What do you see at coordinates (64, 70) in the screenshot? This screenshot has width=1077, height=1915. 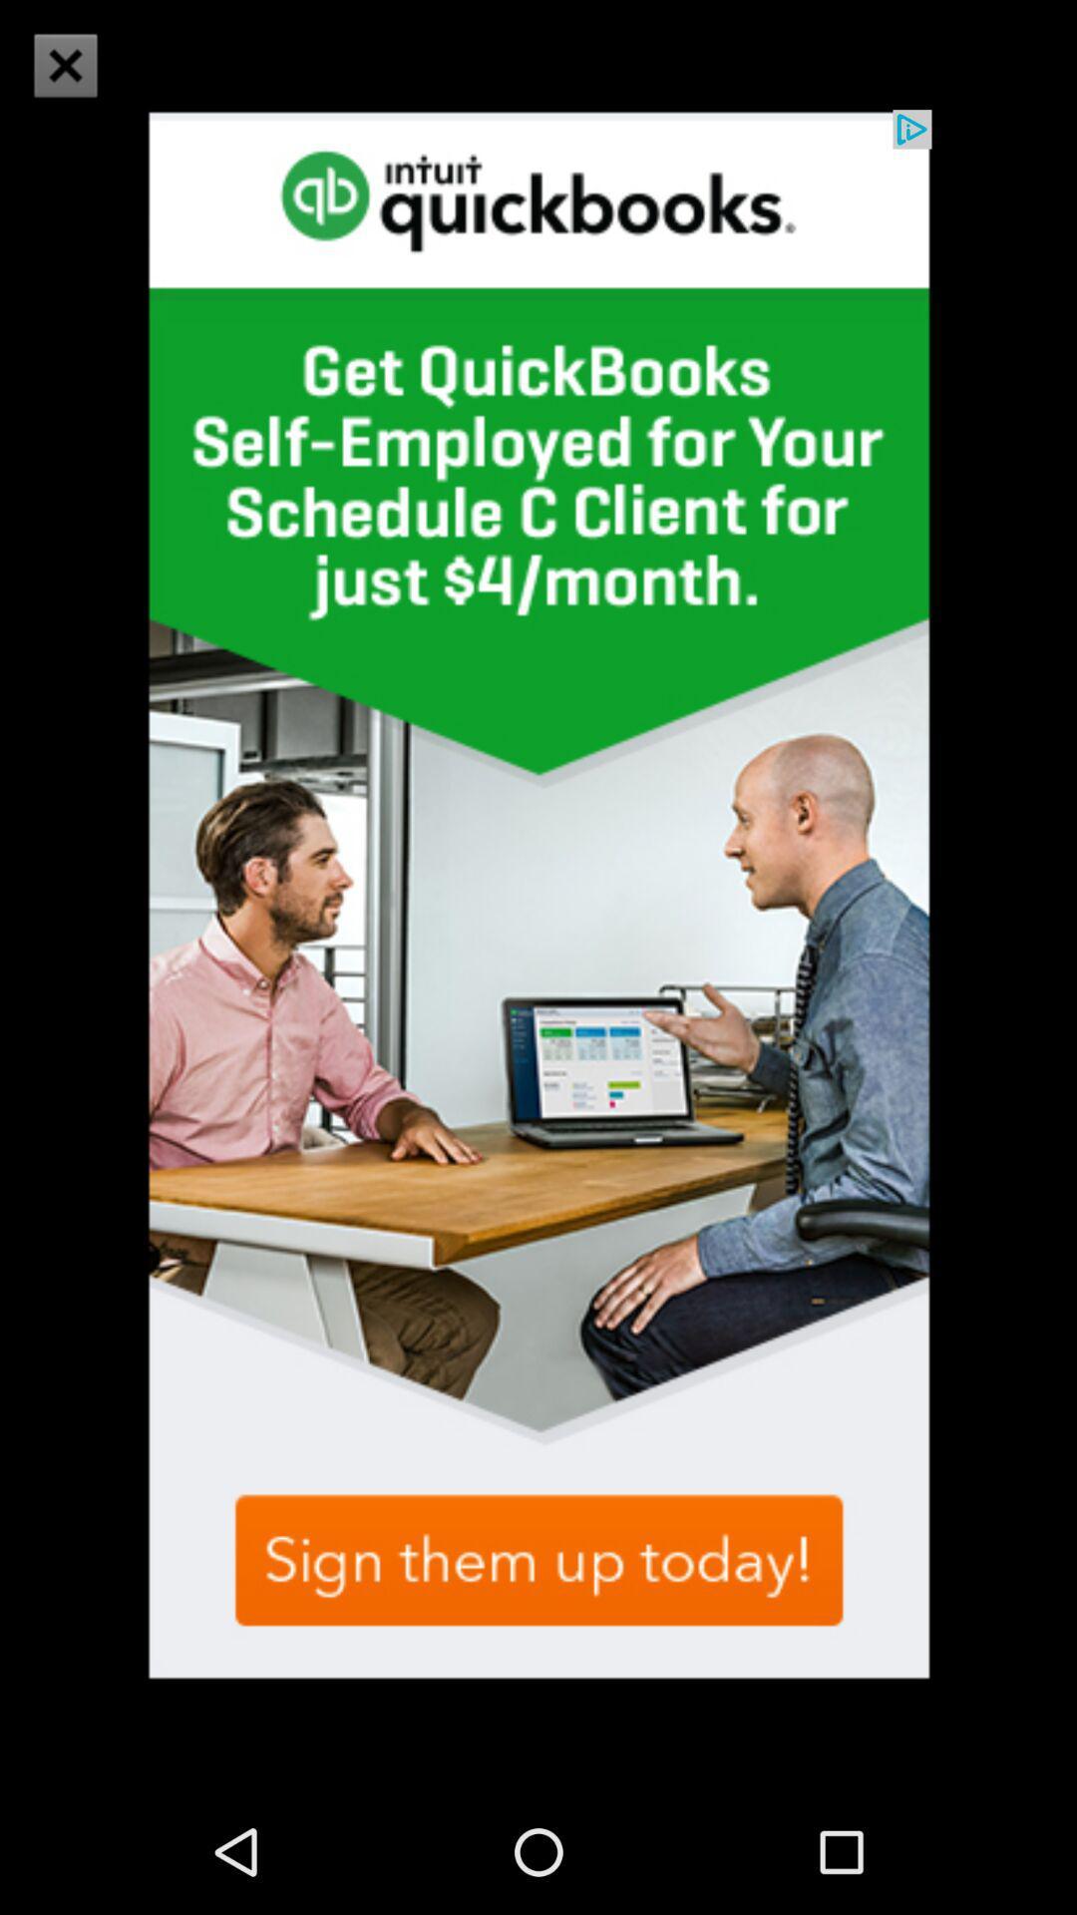 I see `the close icon` at bounding box center [64, 70].